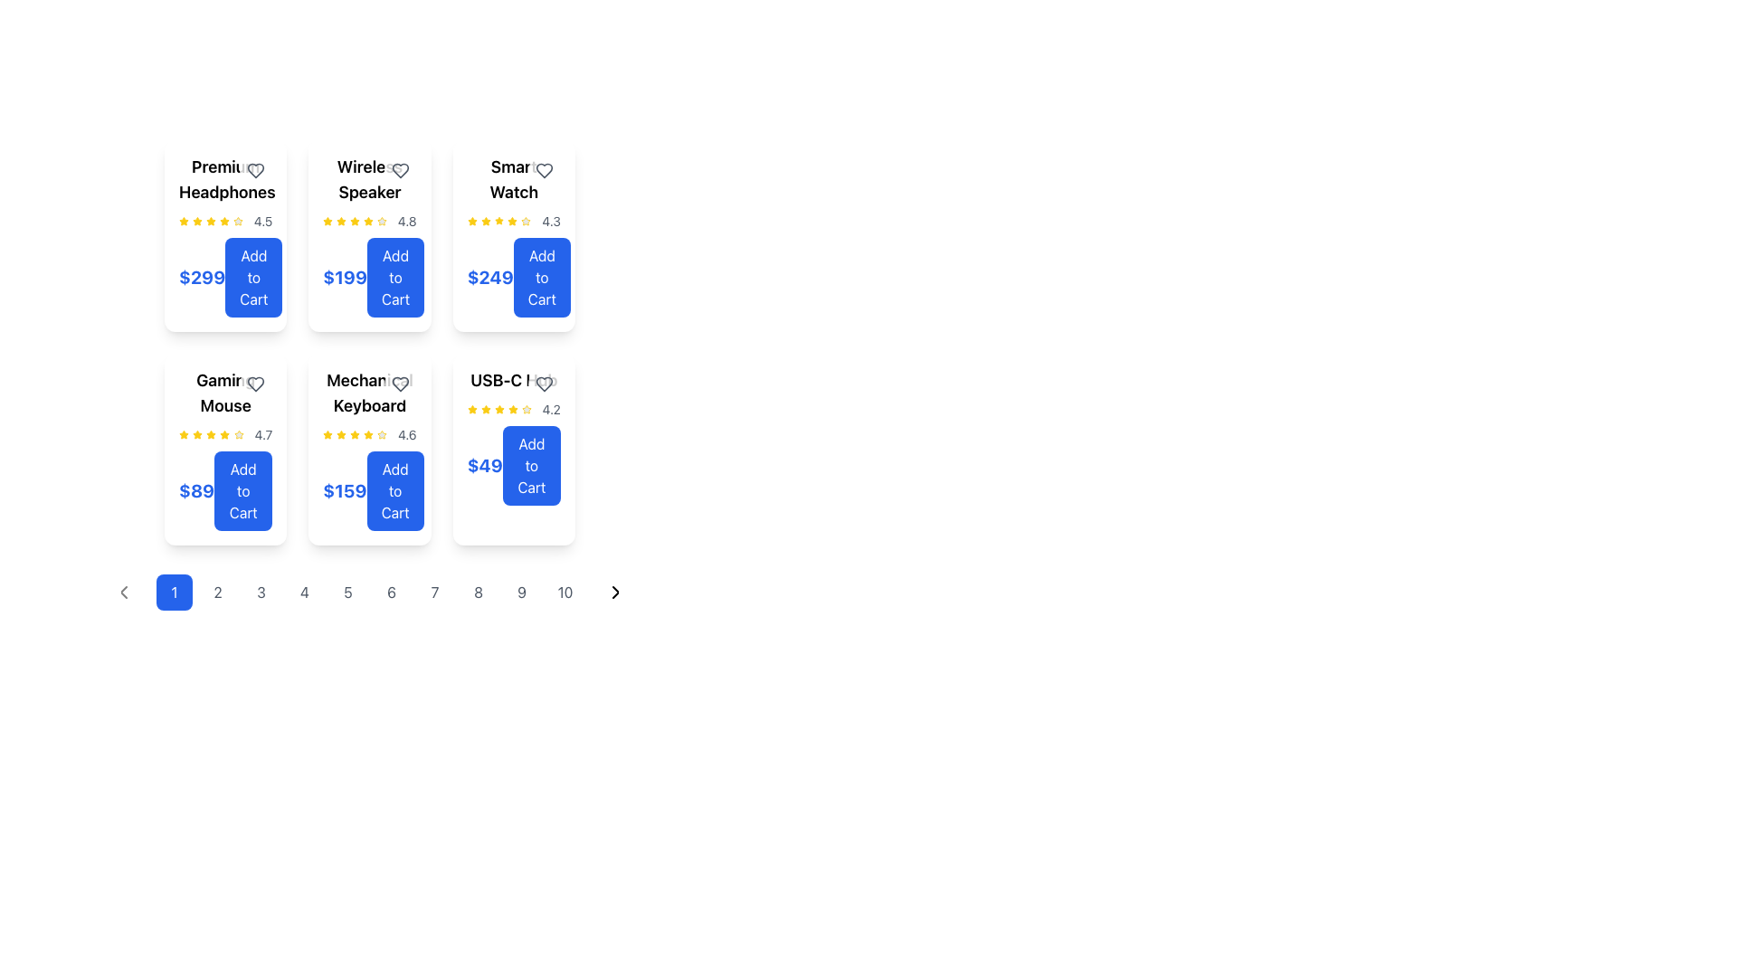 The width and height of the screenshot is (1737, 977). I want to click on the visual representation of the third yellow star in the rating indicator located below the text 'Mechanical Keyboard' and above the 'Add to Cart' button, so click(341, 435).